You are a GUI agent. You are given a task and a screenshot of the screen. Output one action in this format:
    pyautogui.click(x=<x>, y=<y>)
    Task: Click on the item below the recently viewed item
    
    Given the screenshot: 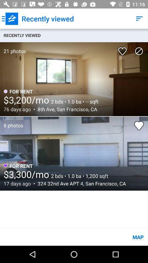 What is the action you would take?
    pyautogui.click(x=13, y=48)
    